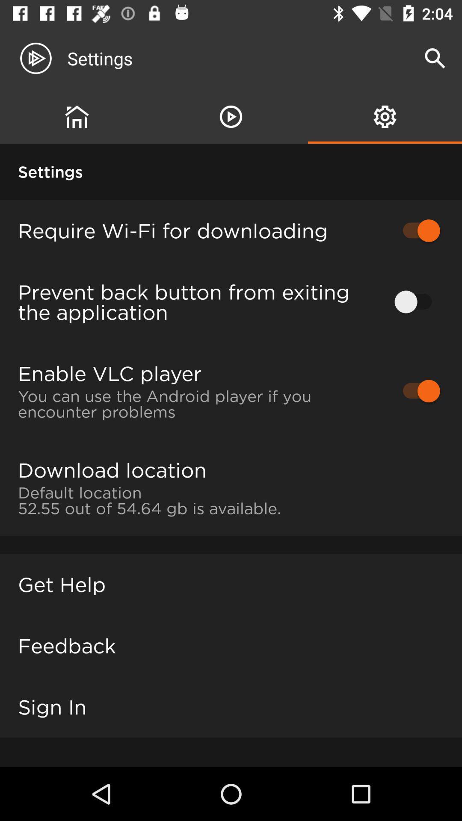  I want to click on the play button beside settings, so click(43, 58).